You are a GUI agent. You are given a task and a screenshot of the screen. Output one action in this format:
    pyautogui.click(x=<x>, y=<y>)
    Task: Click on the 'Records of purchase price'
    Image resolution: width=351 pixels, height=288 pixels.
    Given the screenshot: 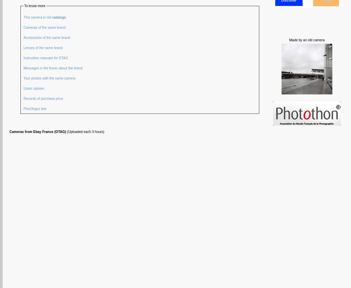 What is the action you would take?
    pyautogui.click(x=43, y=98)
    